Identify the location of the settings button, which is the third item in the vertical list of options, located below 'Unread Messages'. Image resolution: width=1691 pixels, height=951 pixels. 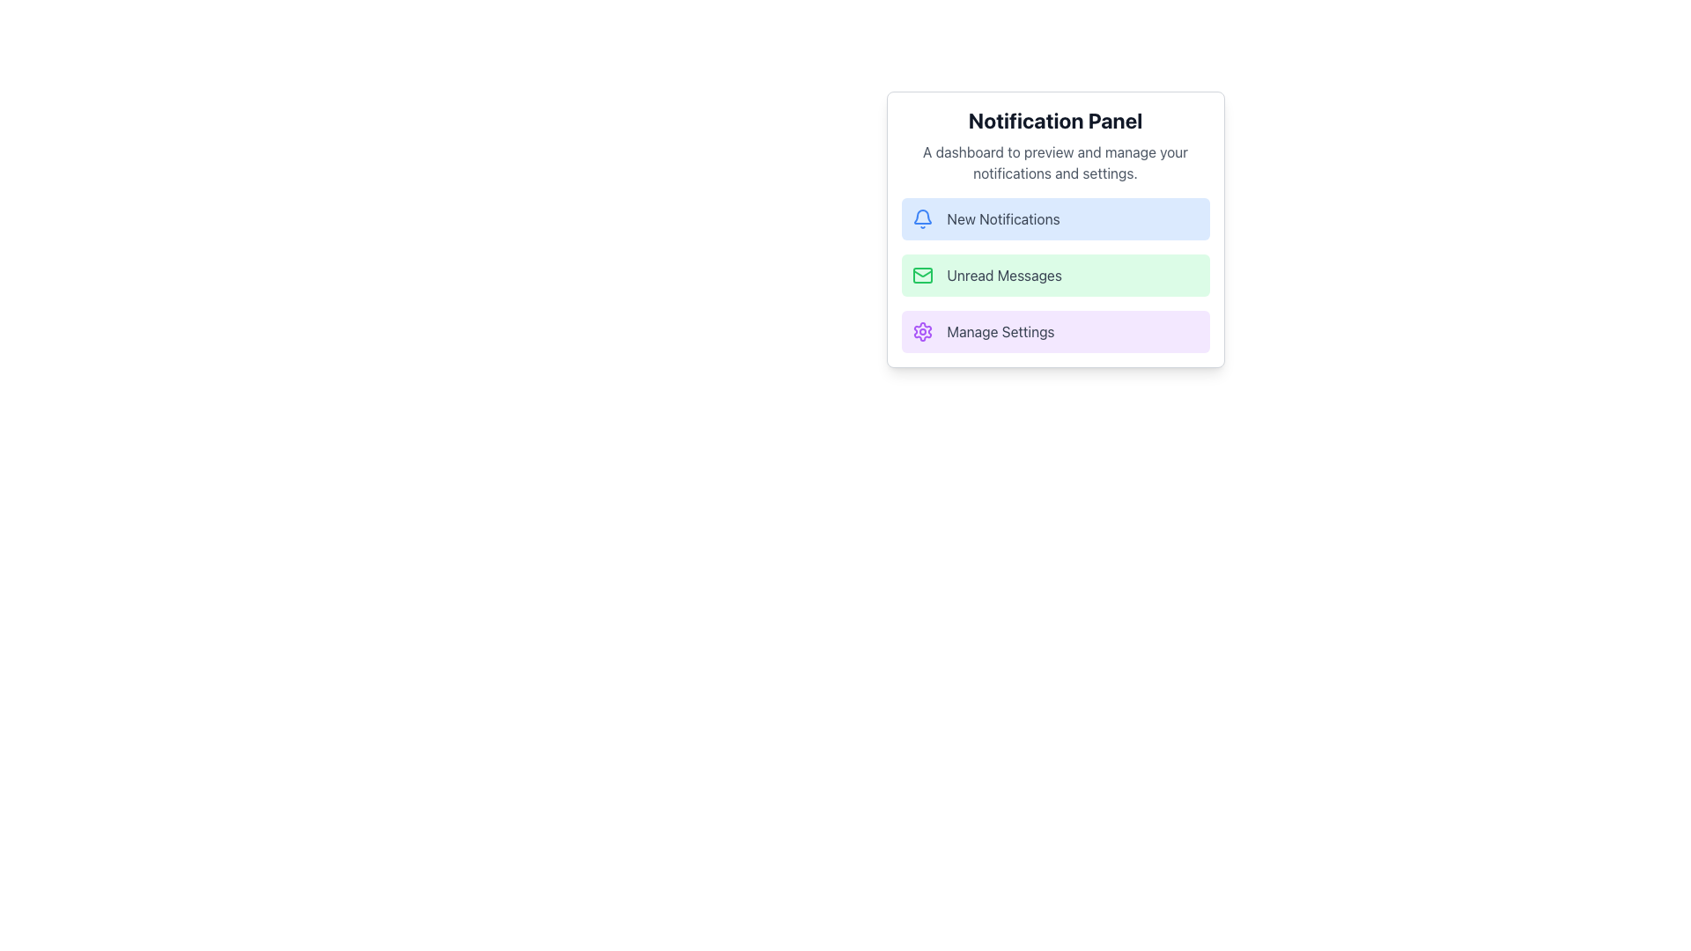
(1055, 332).